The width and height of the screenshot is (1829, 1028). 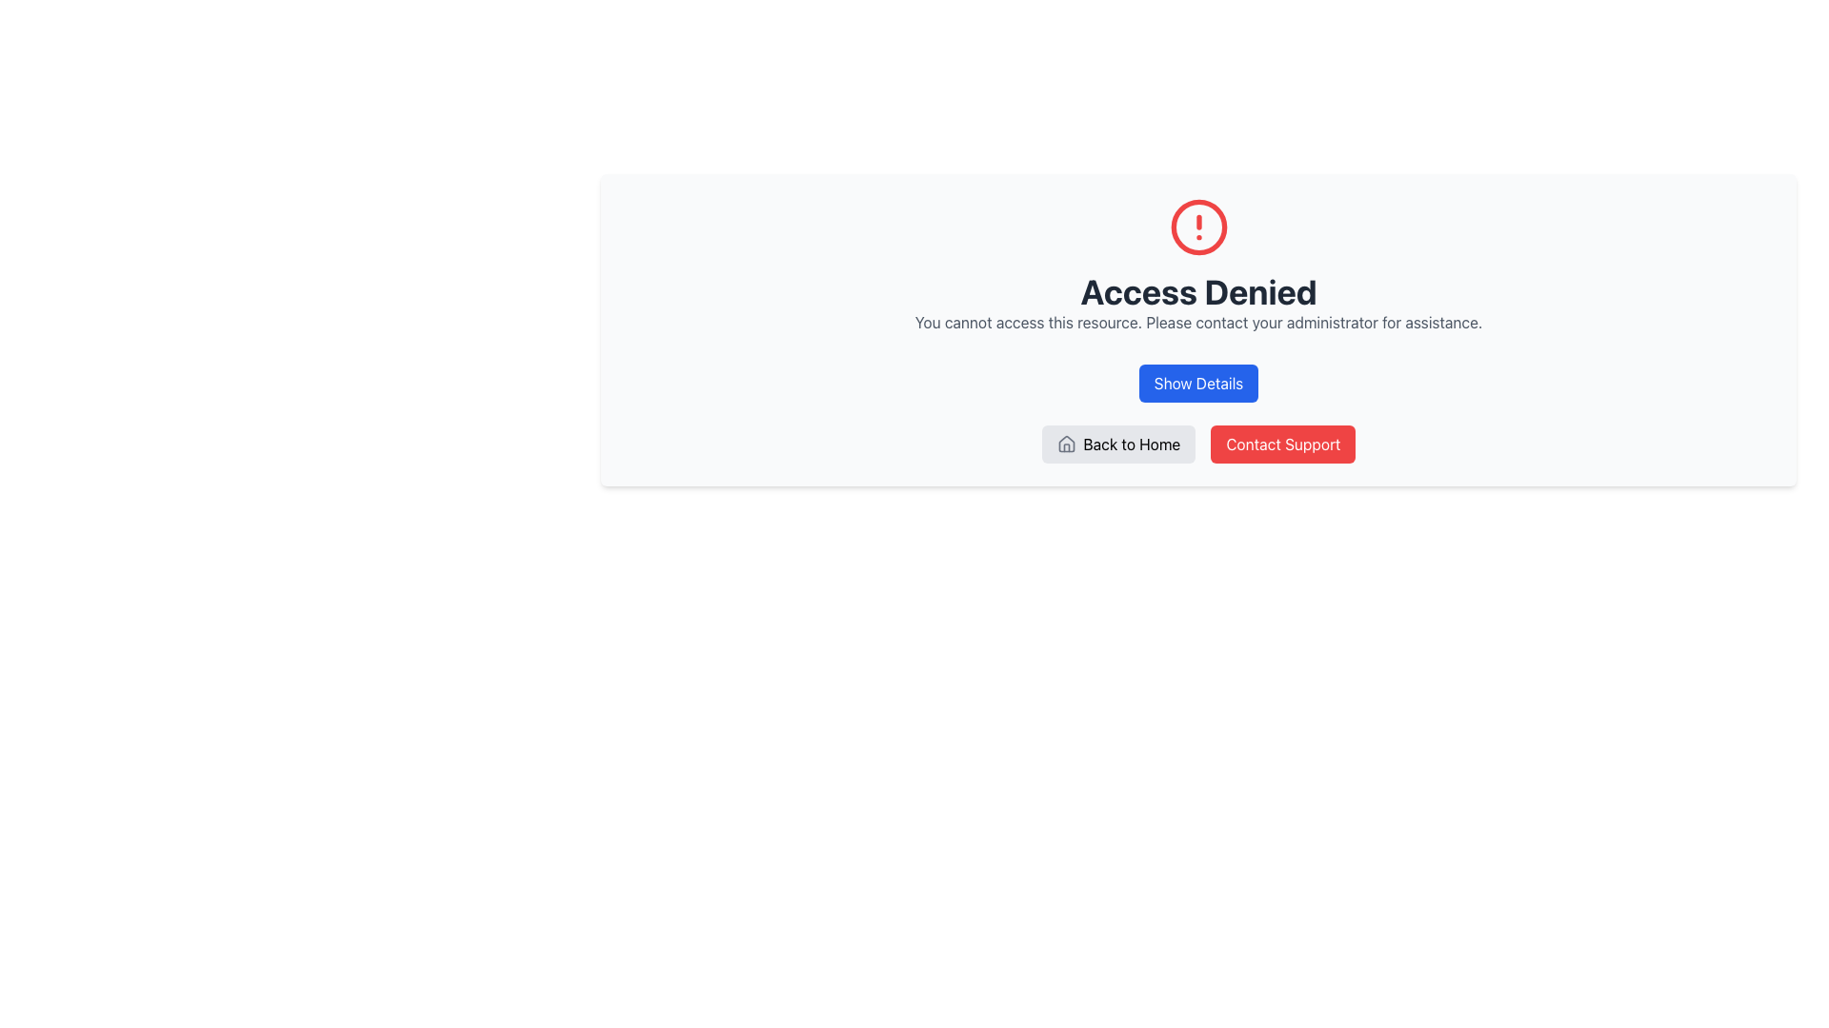 I want to click on the house icon located as the leftmost icon in the horizontal row of navigation icons, so click(x=1065, y=444).